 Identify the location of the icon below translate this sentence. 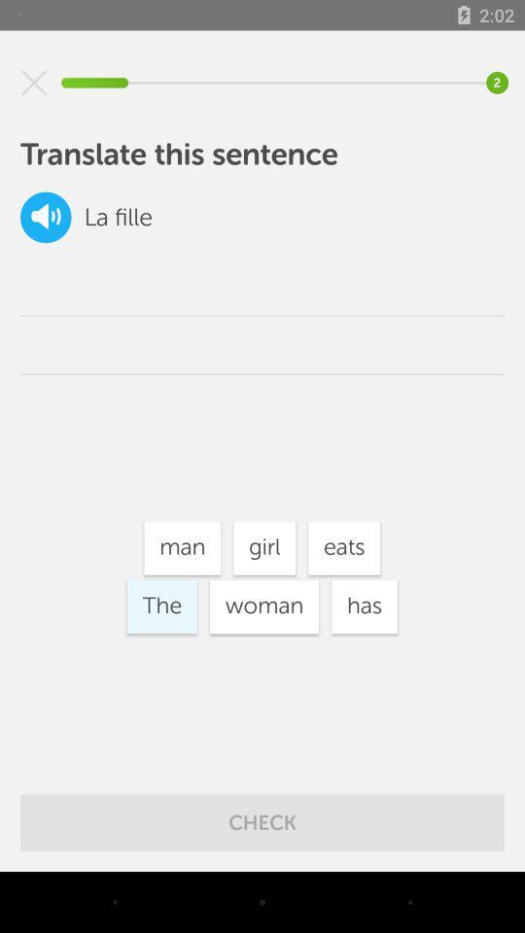
(46, 217).